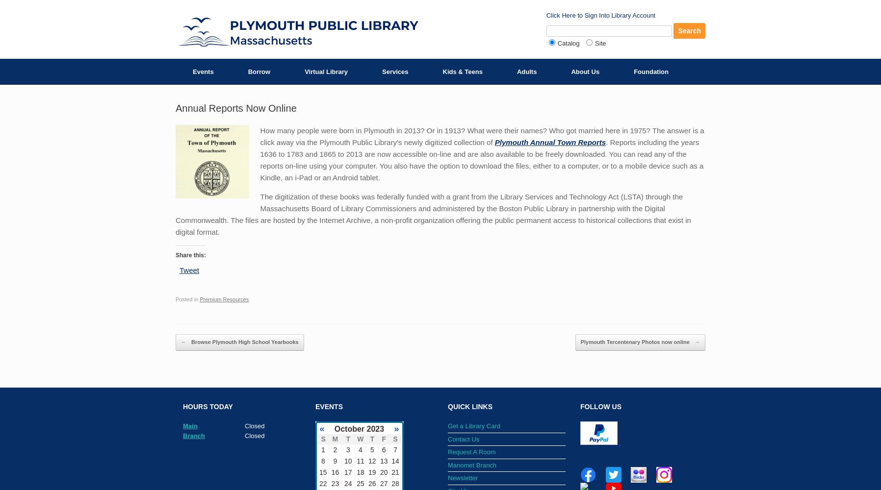  Describe the element at coordinates (190, 425) in the screenshot. I see `'Main'` at that location.